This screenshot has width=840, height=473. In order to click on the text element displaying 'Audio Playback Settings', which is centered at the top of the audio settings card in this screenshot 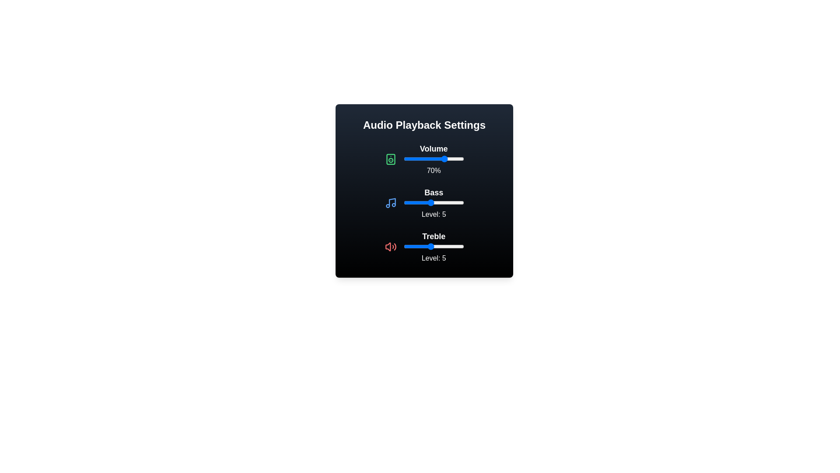, I will do `click(424, 125)`.